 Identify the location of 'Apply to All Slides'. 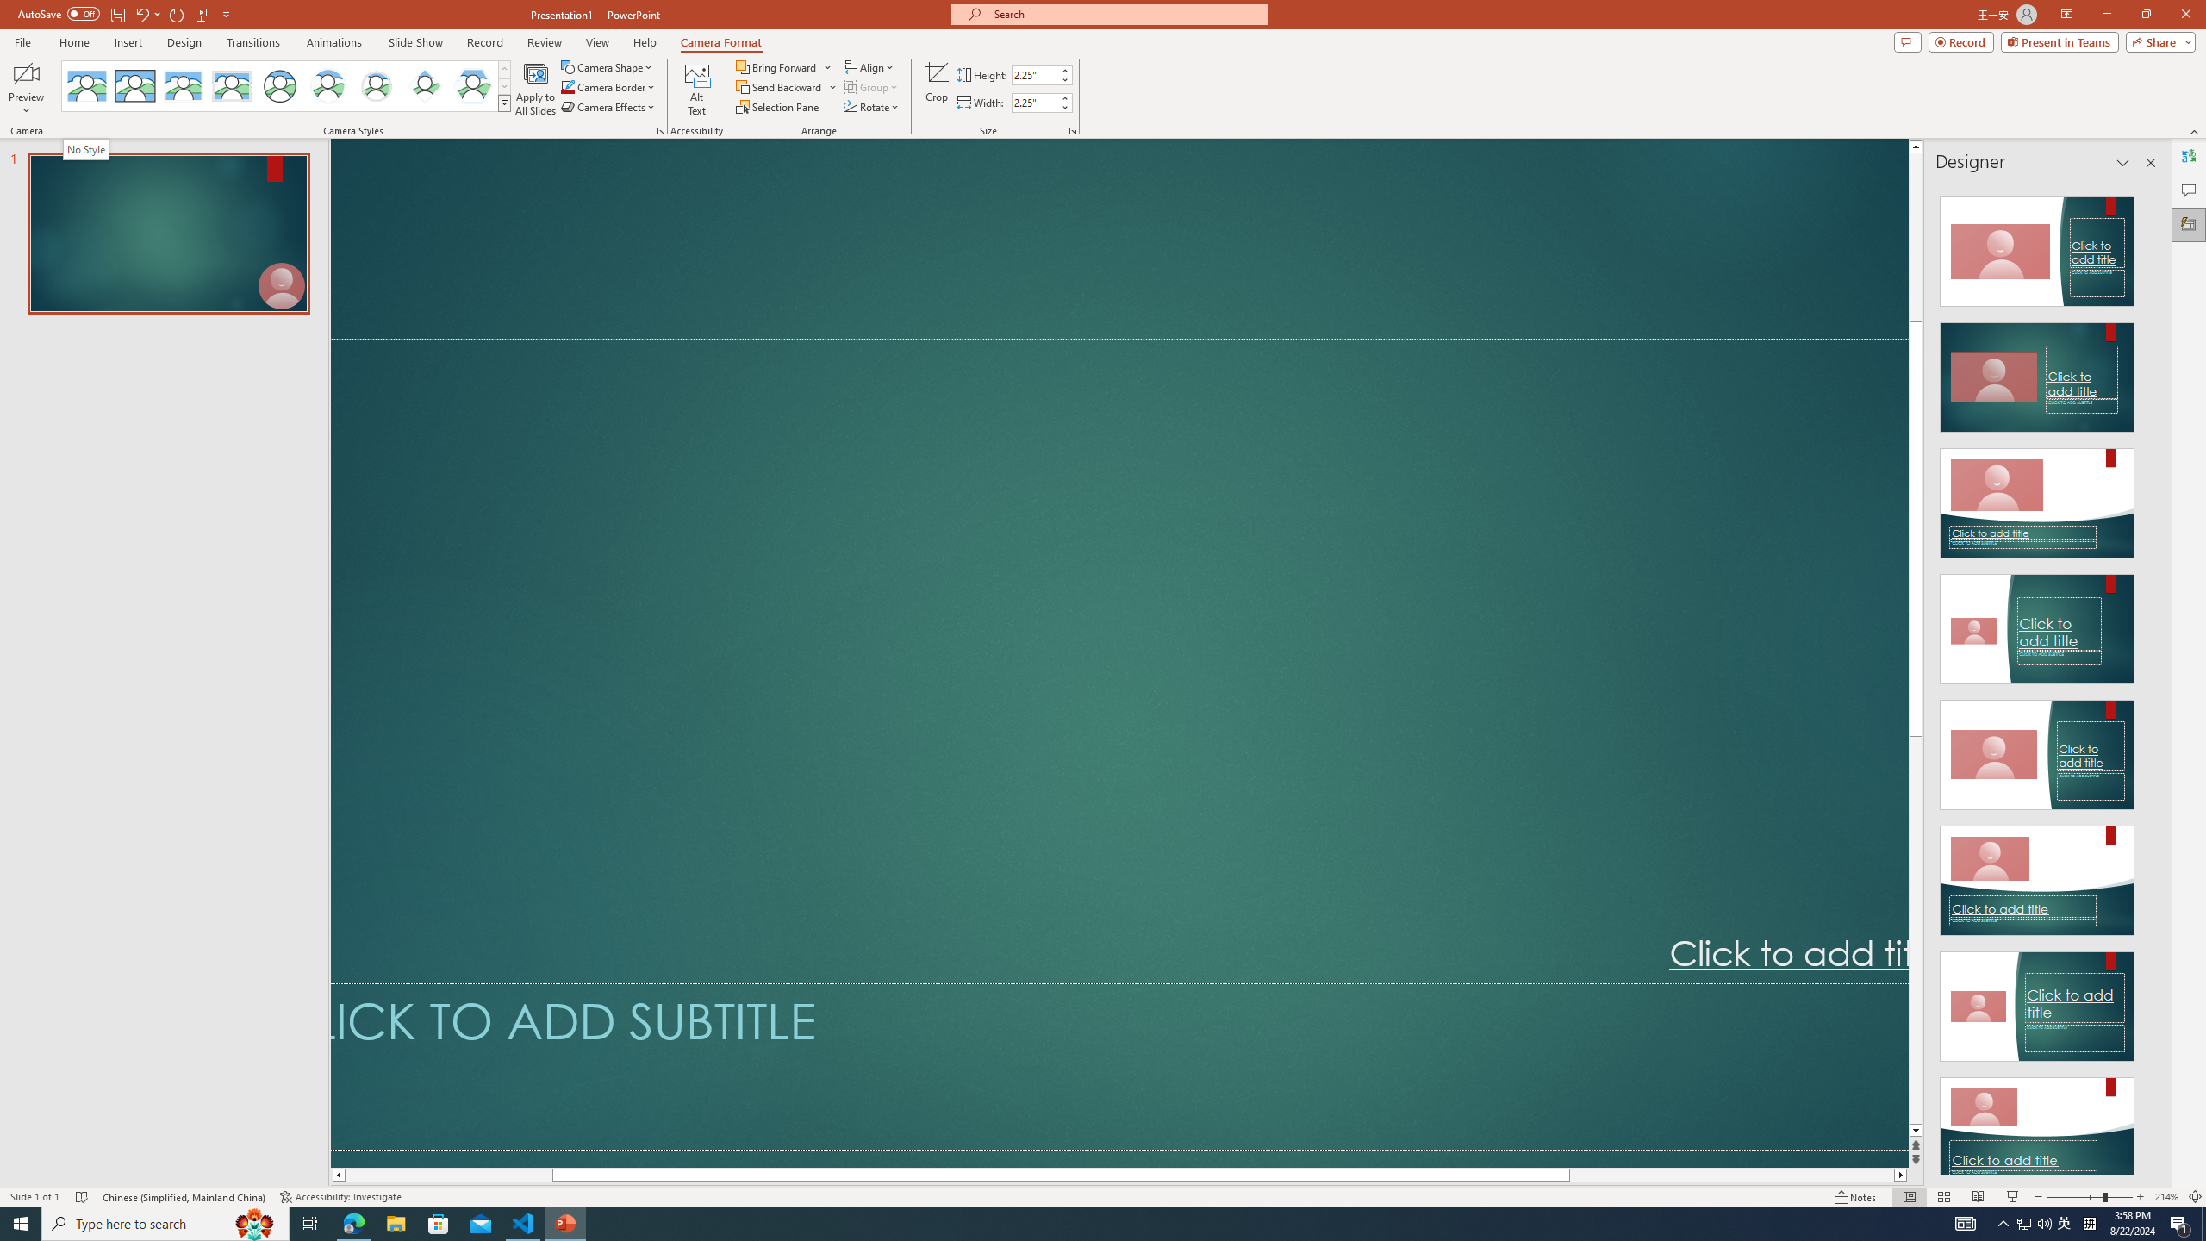
(535, 89).